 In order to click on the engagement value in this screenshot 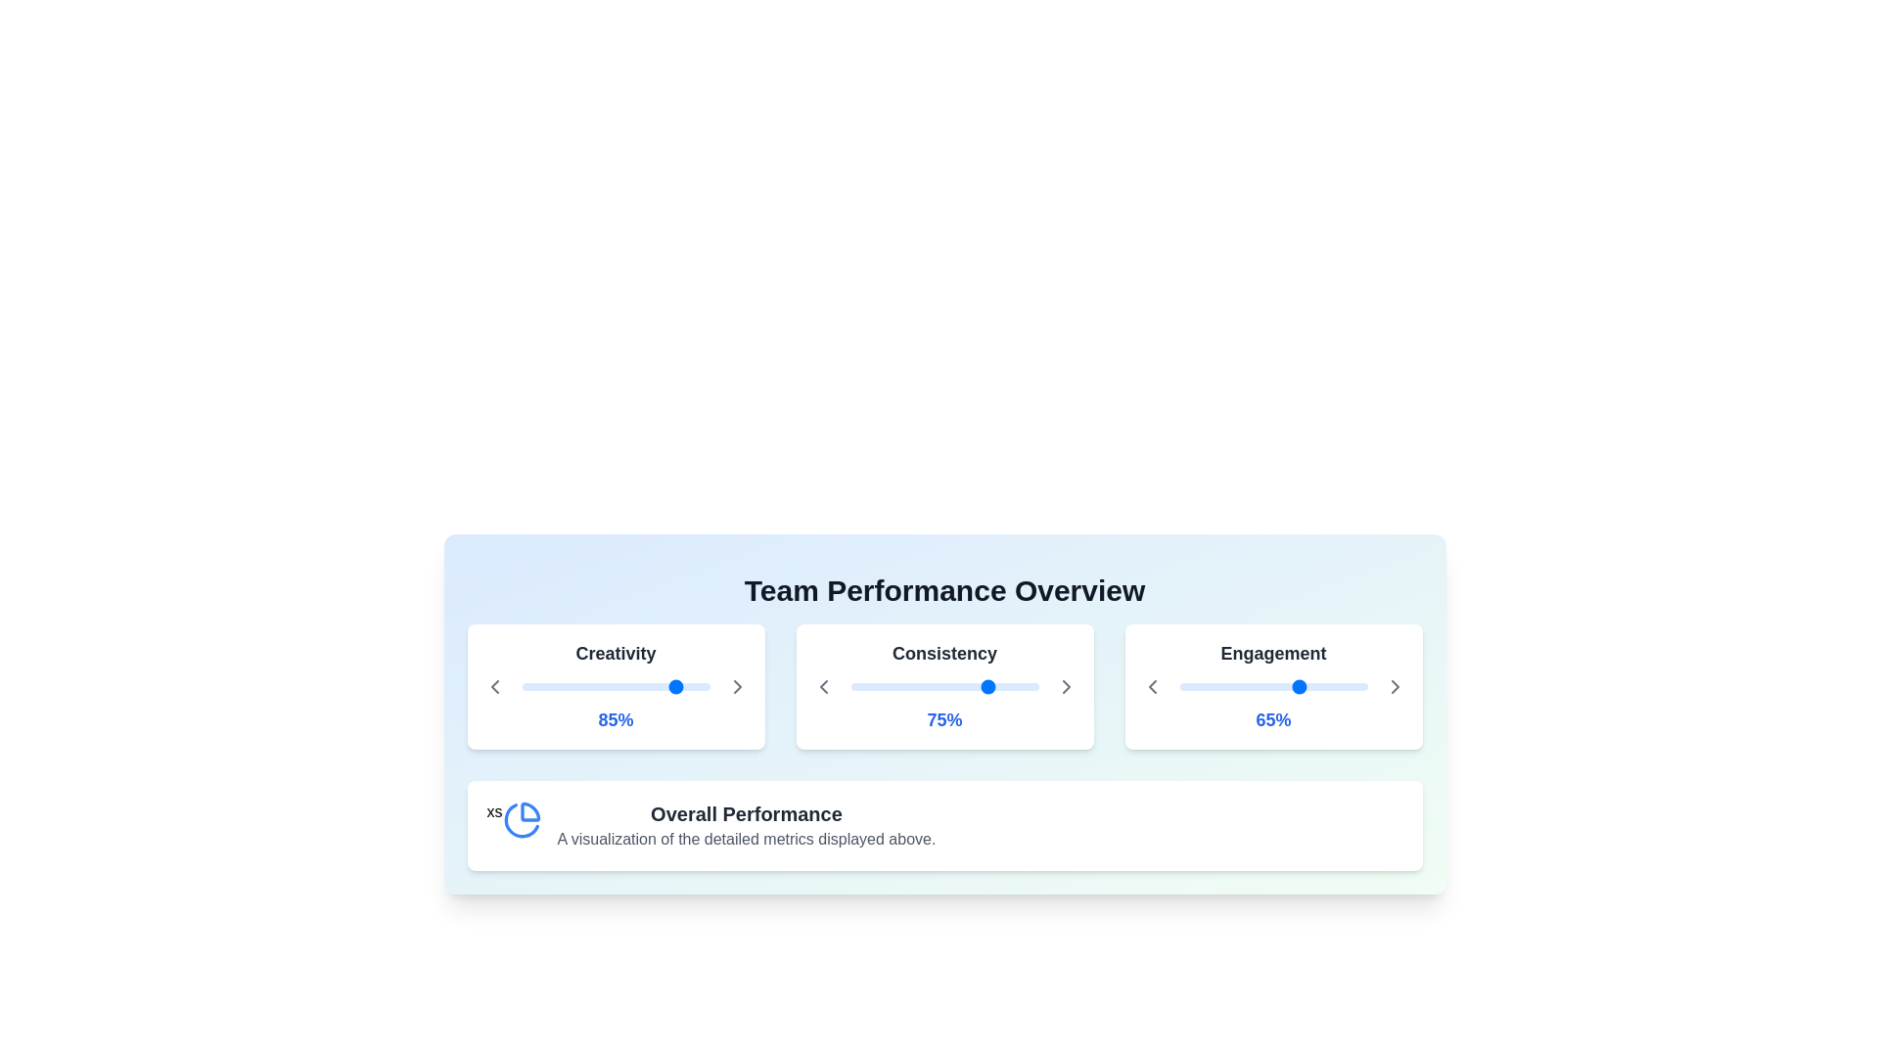, I will do `click(1237, 686)`.